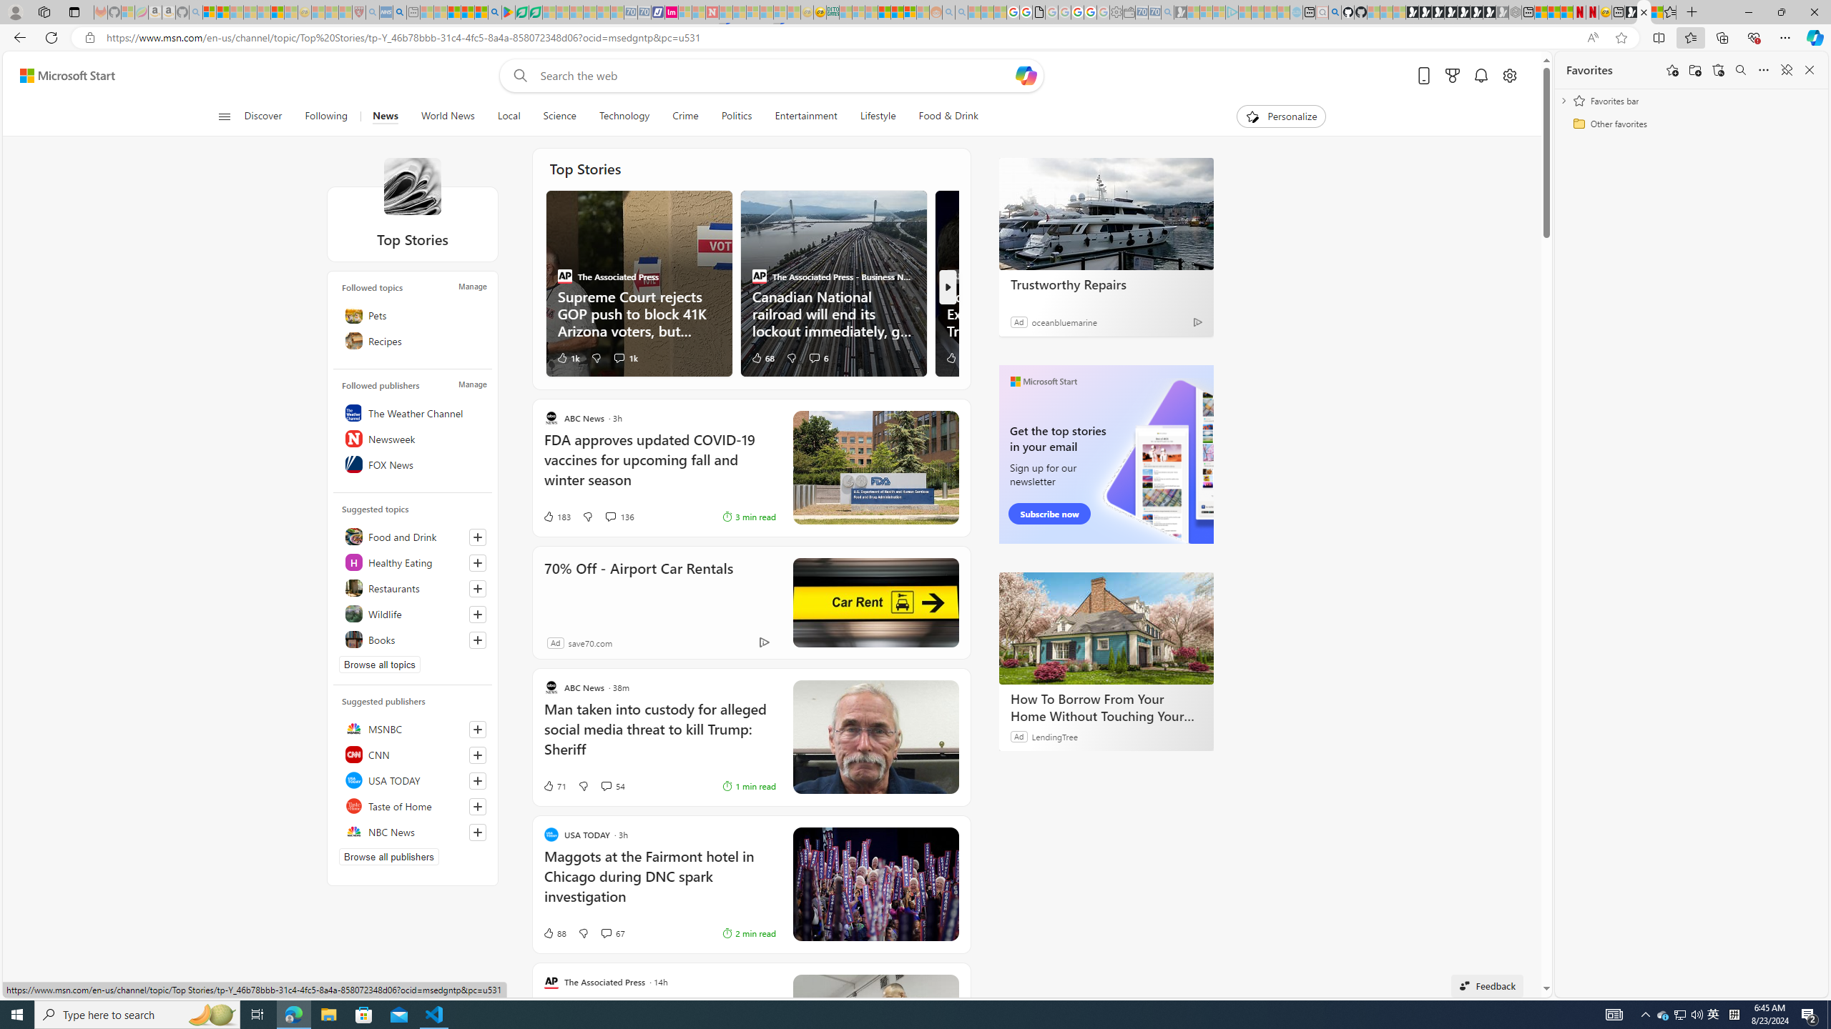 This screenshot has height=1029, width=1831. Describe the element at coordinates (411, 638) in the screenshot. I see `'Books'` at that location.